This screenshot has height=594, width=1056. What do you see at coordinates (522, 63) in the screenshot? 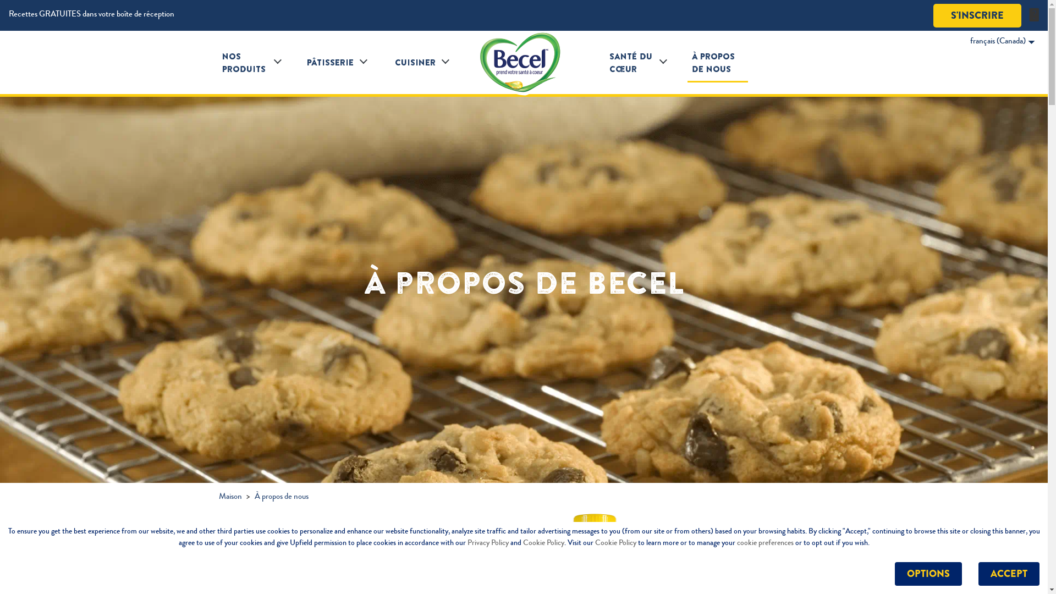
I see `'Logo Black'` at bounding box center [522, 63].